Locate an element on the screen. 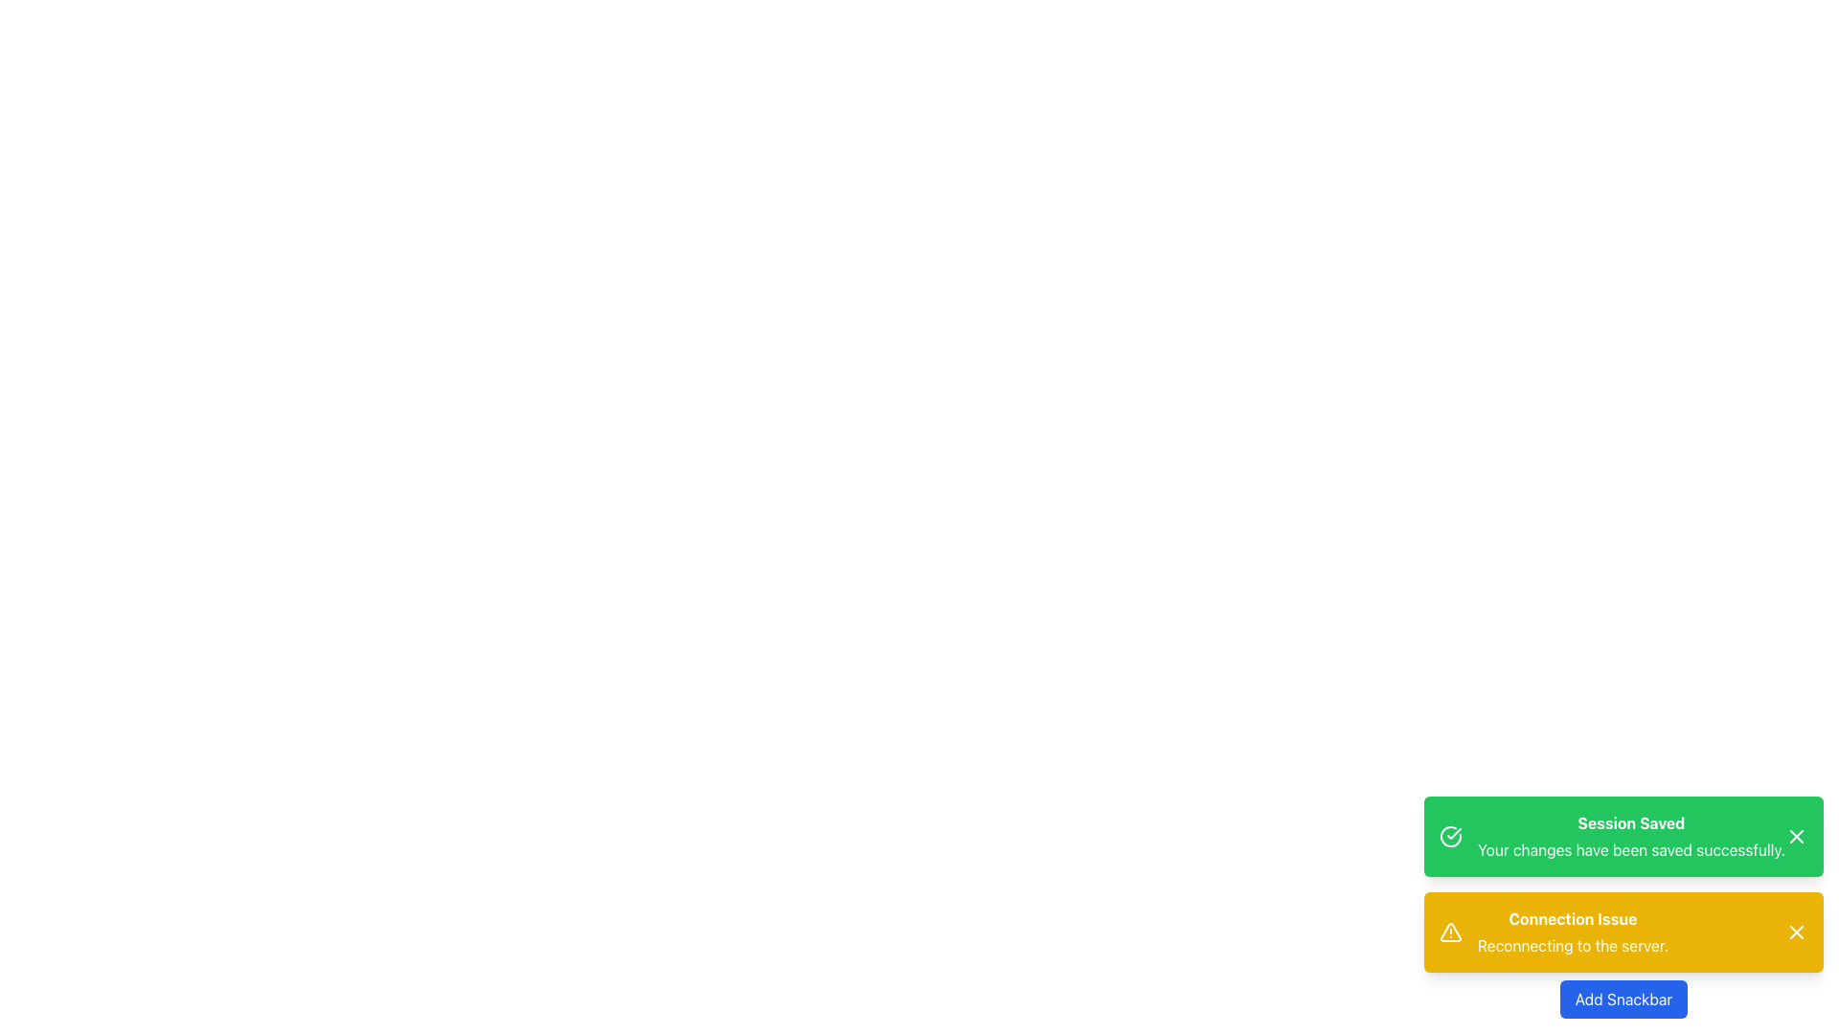 The width and height of the screenshot is (1839, 1034). the Close/Dismiss icon, which is an X-shaped SVG icon located in the top-right corner of the green notification banner labeled 'Session Saved' is located at coordinates (1796, 836).